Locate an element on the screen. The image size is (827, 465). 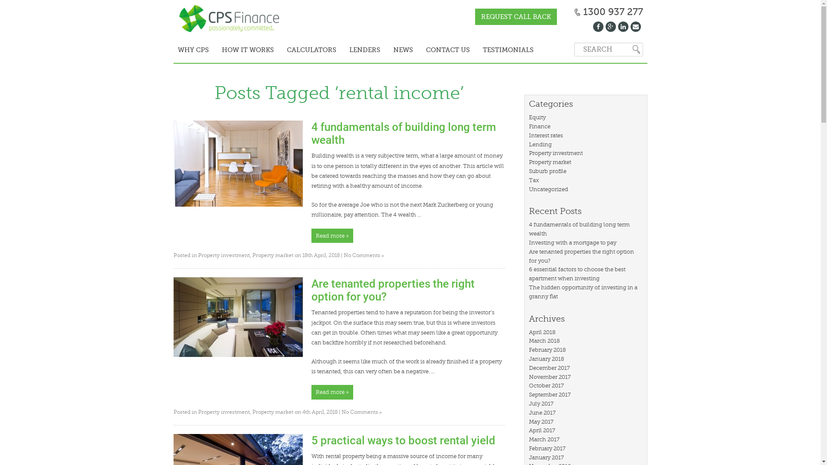
'February 2017' is located at coordinates (547, 448).